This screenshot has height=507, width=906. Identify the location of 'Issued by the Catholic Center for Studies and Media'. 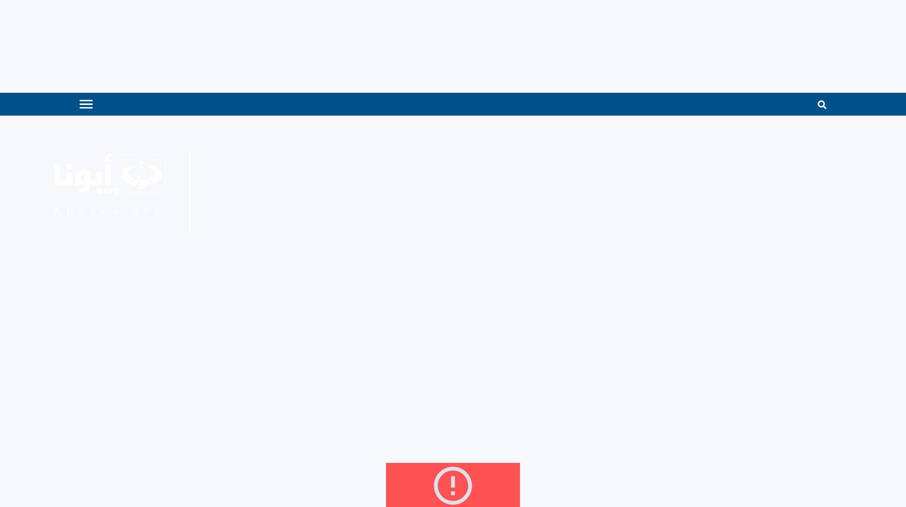
(276, 167).